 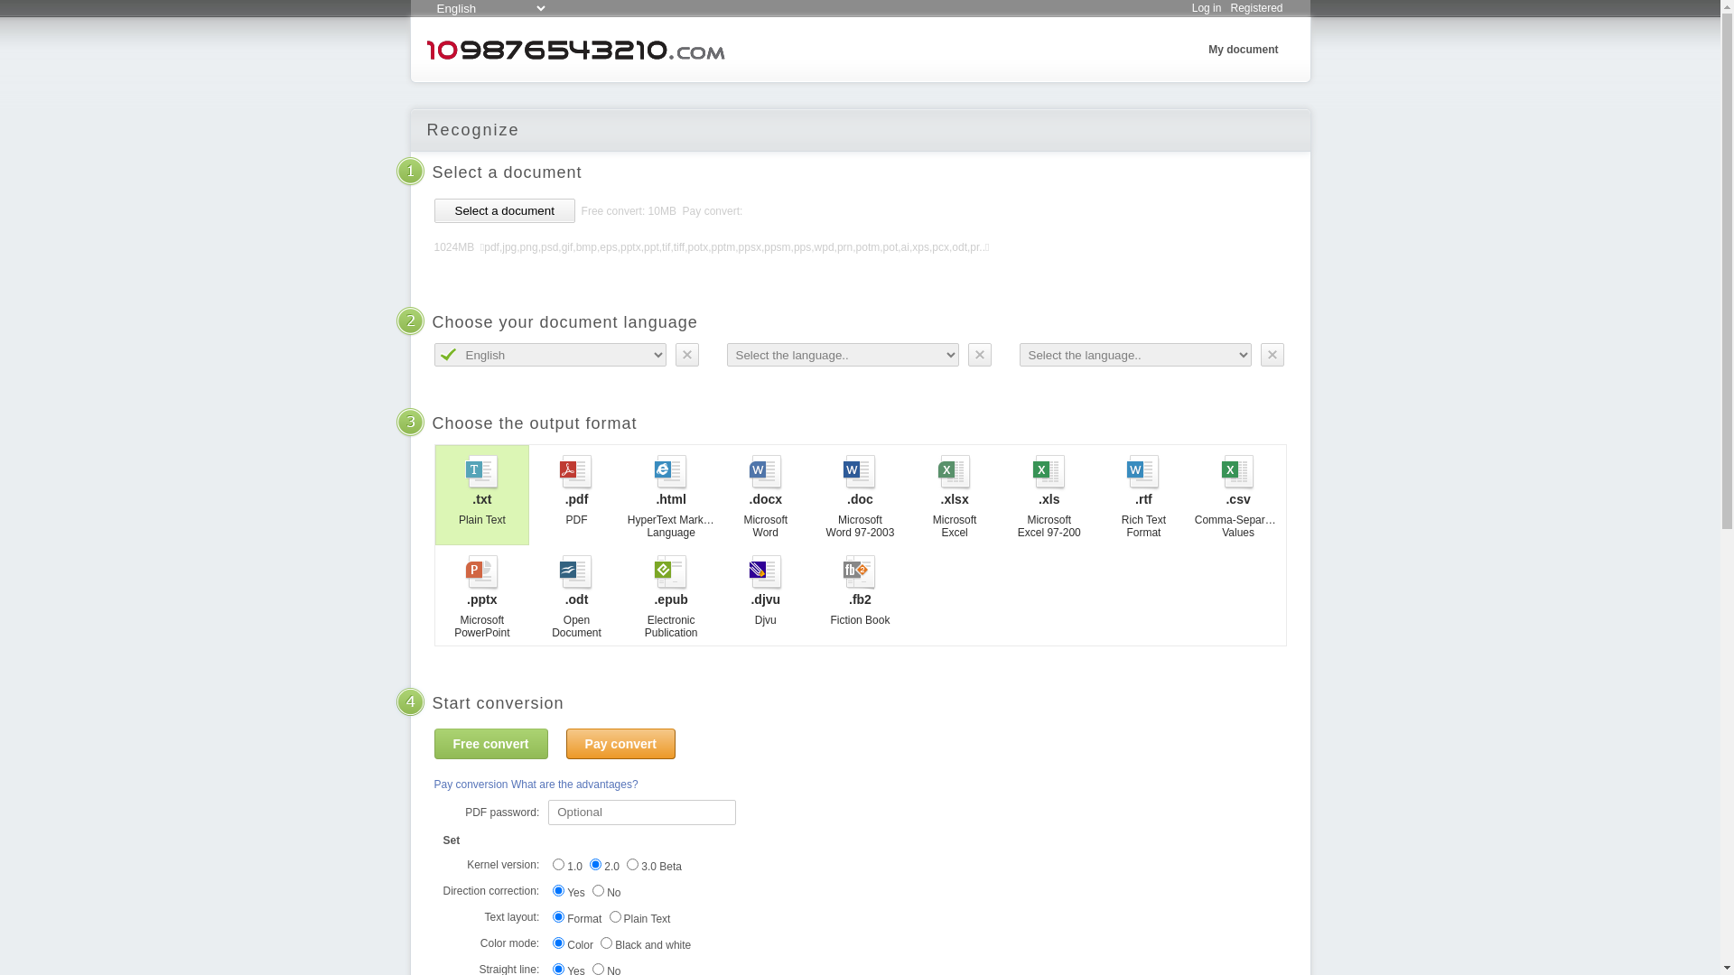 What do you see at coordinates (575, 495) in the screenshot?
I see `'.pdf` at bounding box center [575, 495].